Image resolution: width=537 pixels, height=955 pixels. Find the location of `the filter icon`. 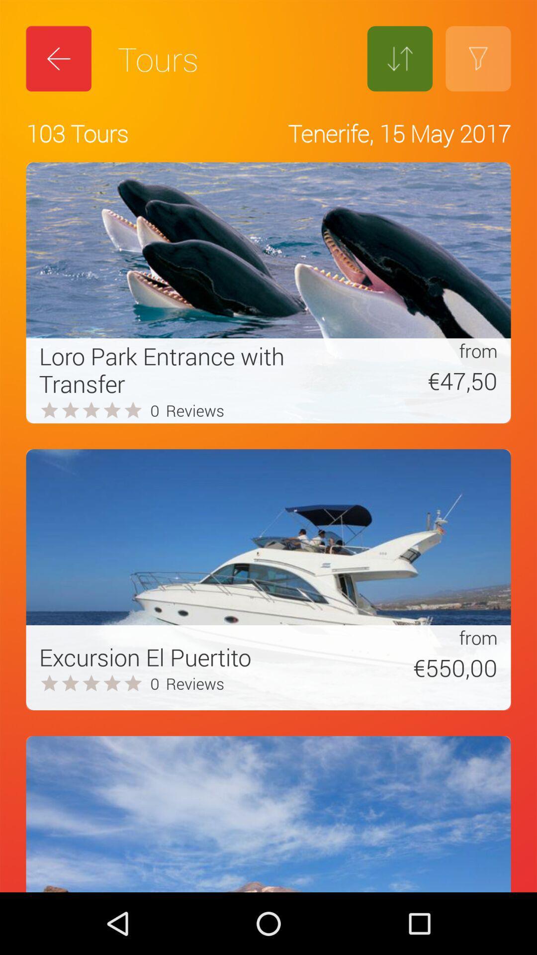

the filter icon is located at coordinates (477, 58).